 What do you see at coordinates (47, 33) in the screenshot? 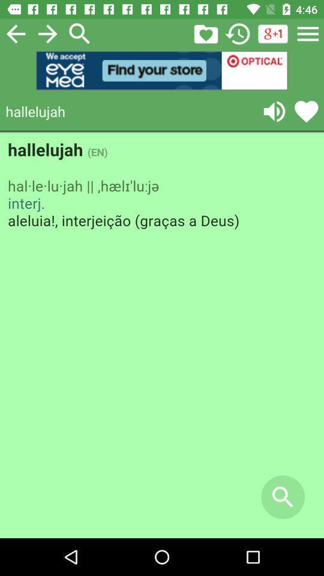
I see `next page` at bounding box center [47, 33].